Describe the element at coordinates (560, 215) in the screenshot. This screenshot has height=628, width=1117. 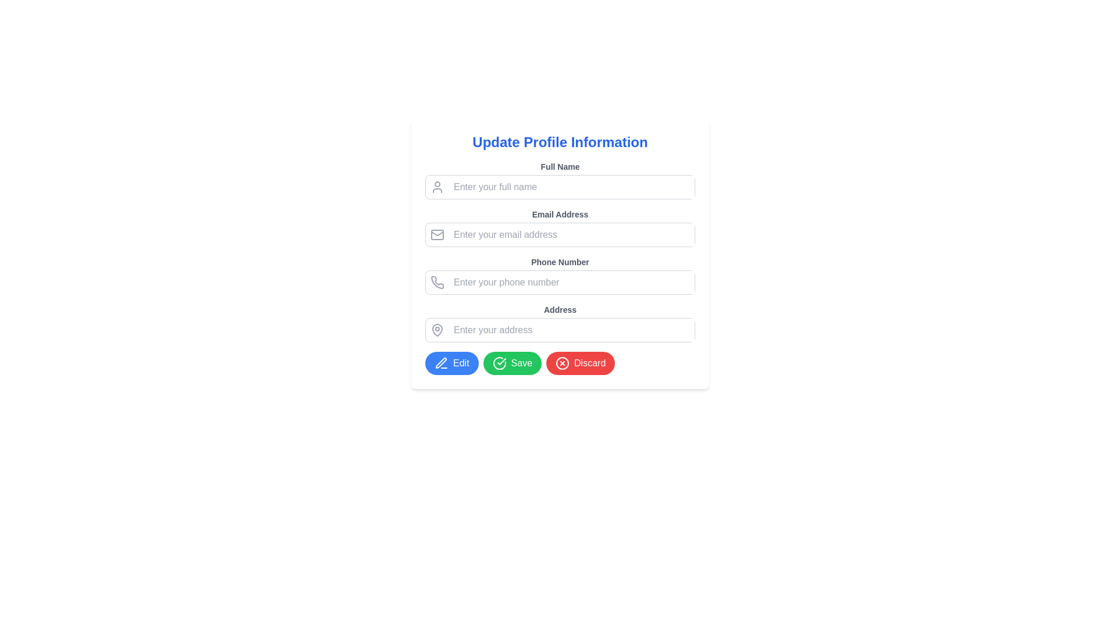
I see `the label for the email input field located under the 'Full Name' label in the 'Update Profile Information' section` at that location.